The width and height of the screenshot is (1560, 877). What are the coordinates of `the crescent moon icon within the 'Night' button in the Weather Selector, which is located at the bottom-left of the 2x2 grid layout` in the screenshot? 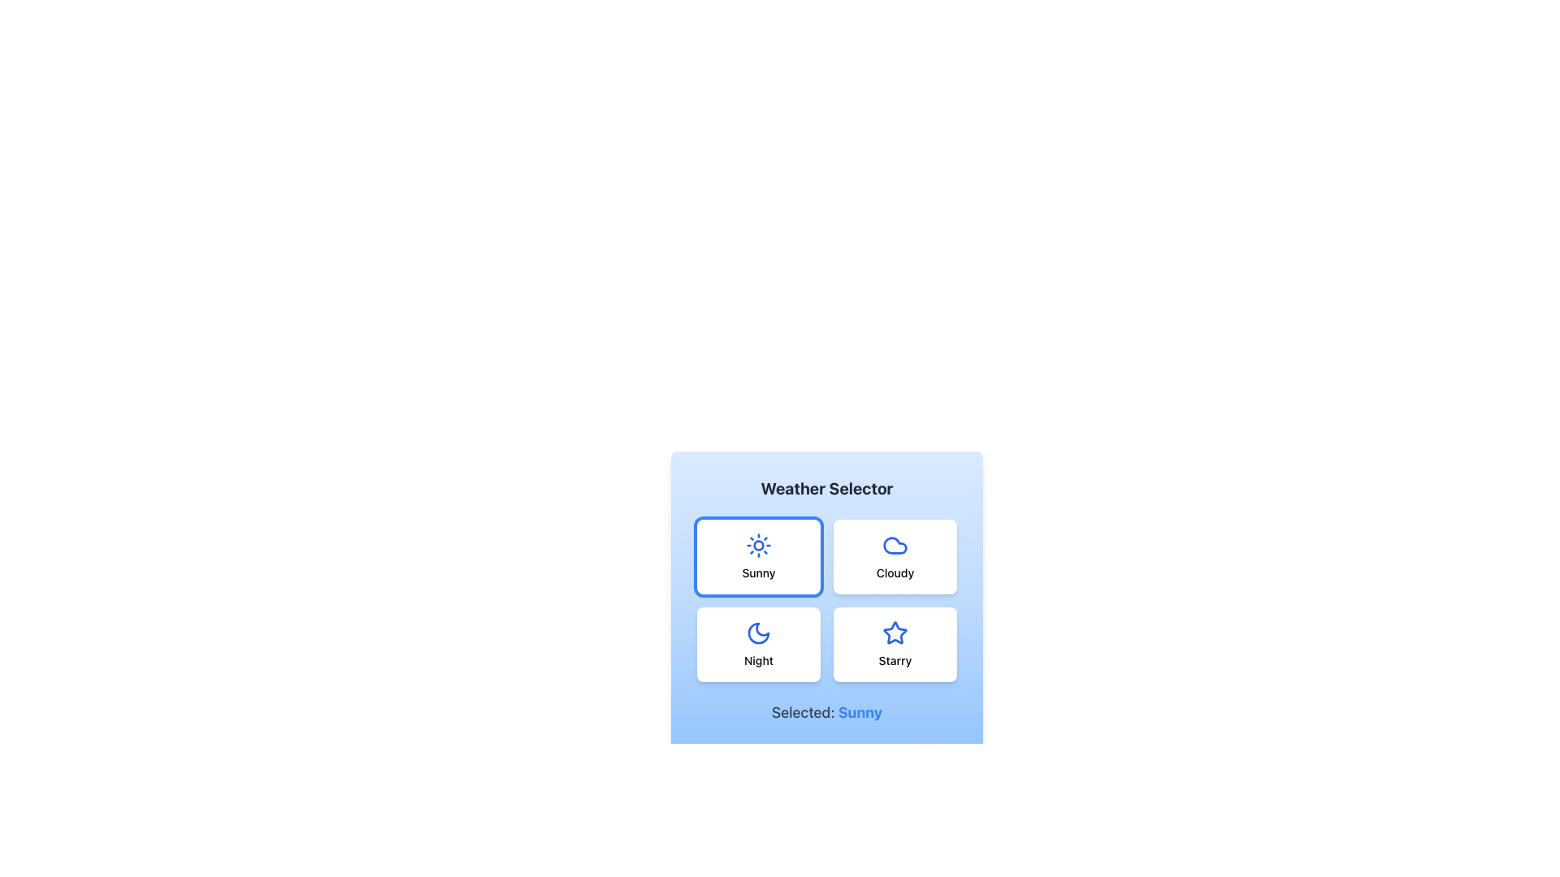 It's located at (758, 632).